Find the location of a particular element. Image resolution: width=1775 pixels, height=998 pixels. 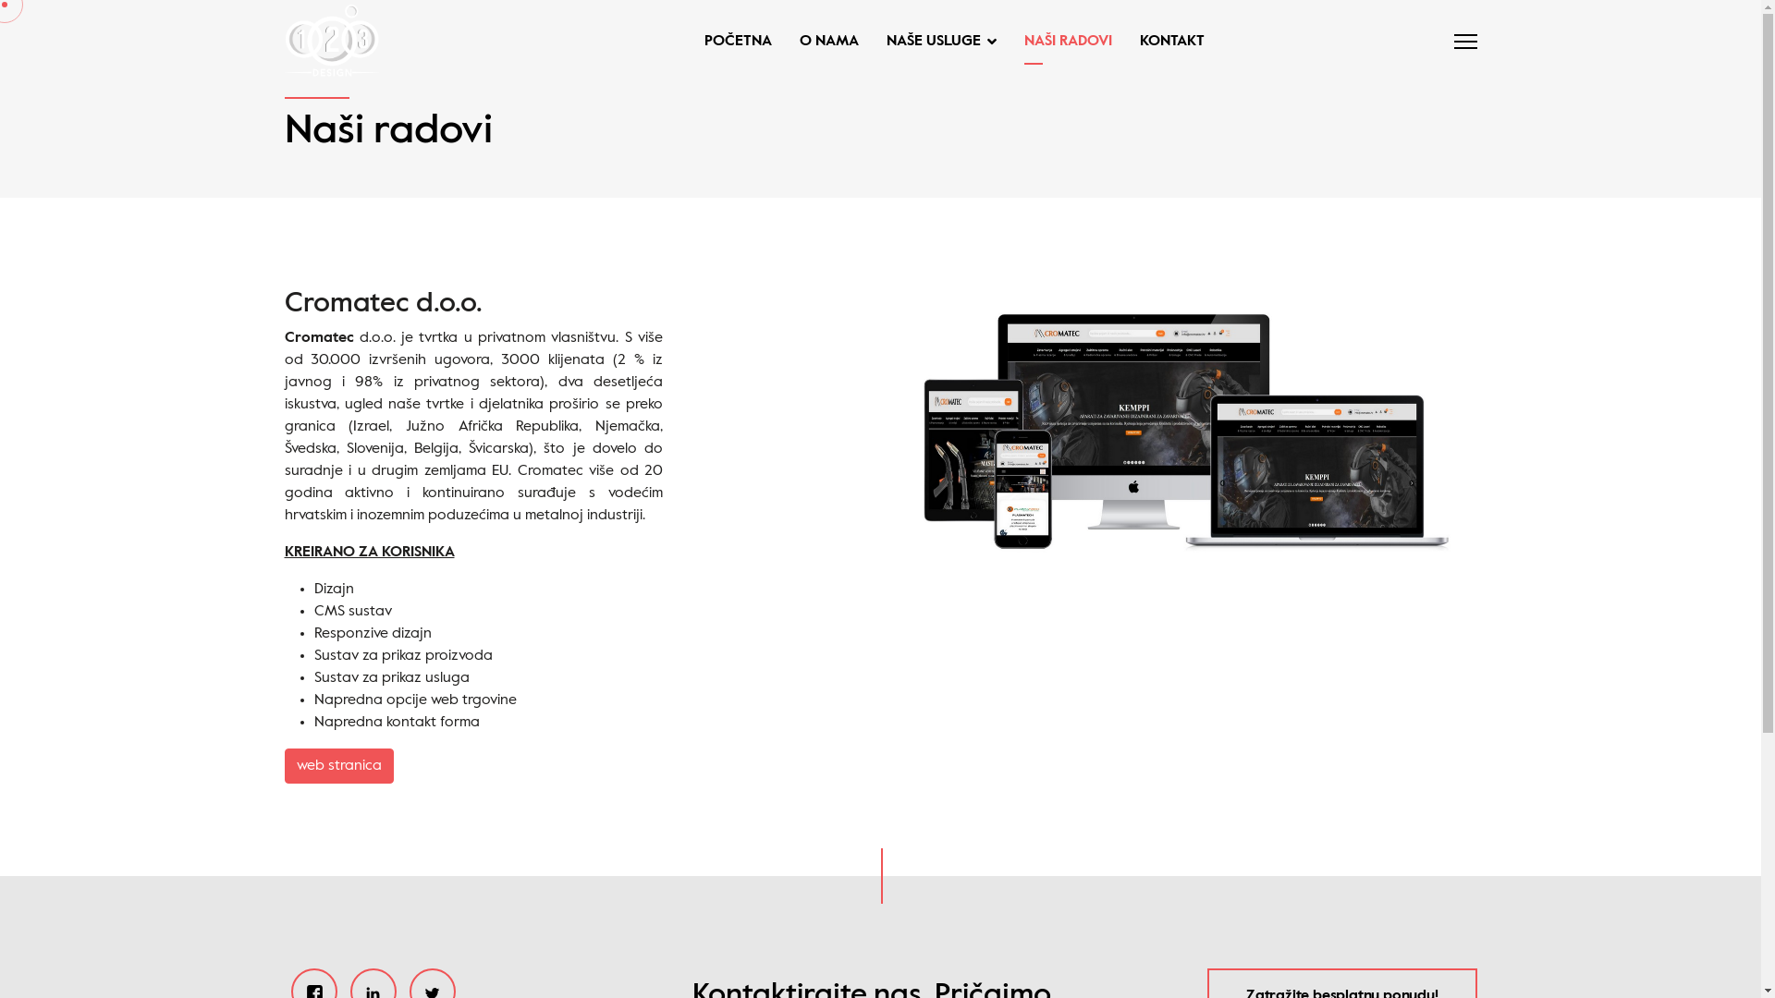

'O NAMA' is located at coordinates (828, 42).